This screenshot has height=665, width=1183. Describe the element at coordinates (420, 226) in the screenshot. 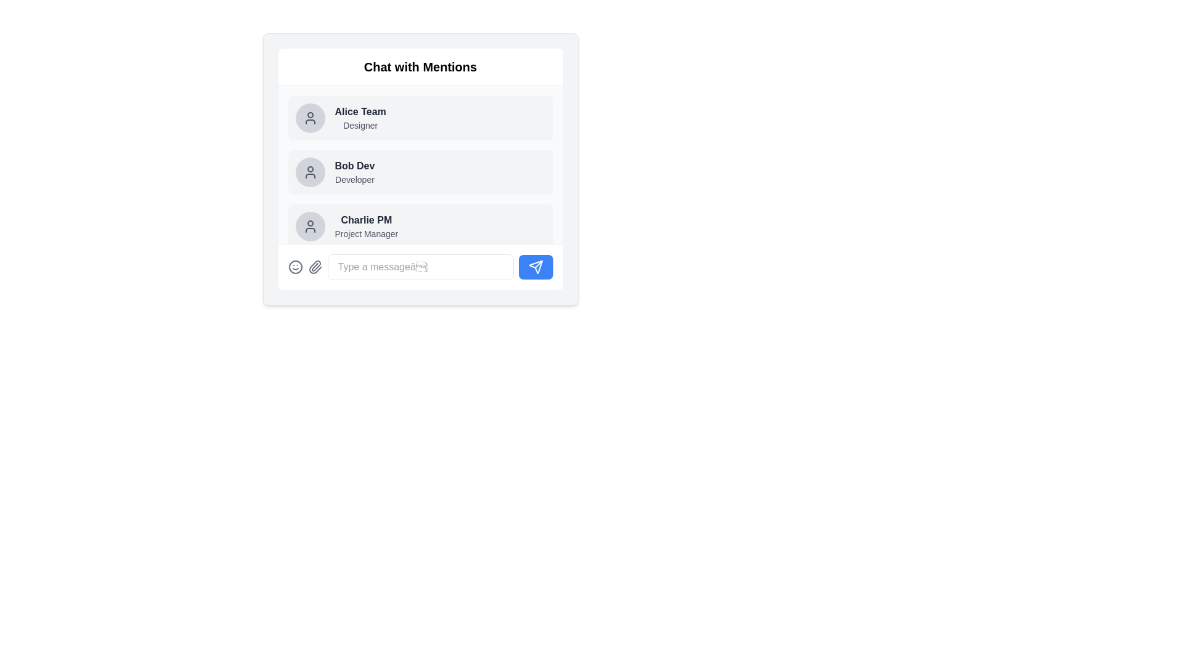

I see `details of the List item displaying 'Charlie PM' as the name and 'Project Manager' as the role, which is the third item in the vertical list of team members` at that location.